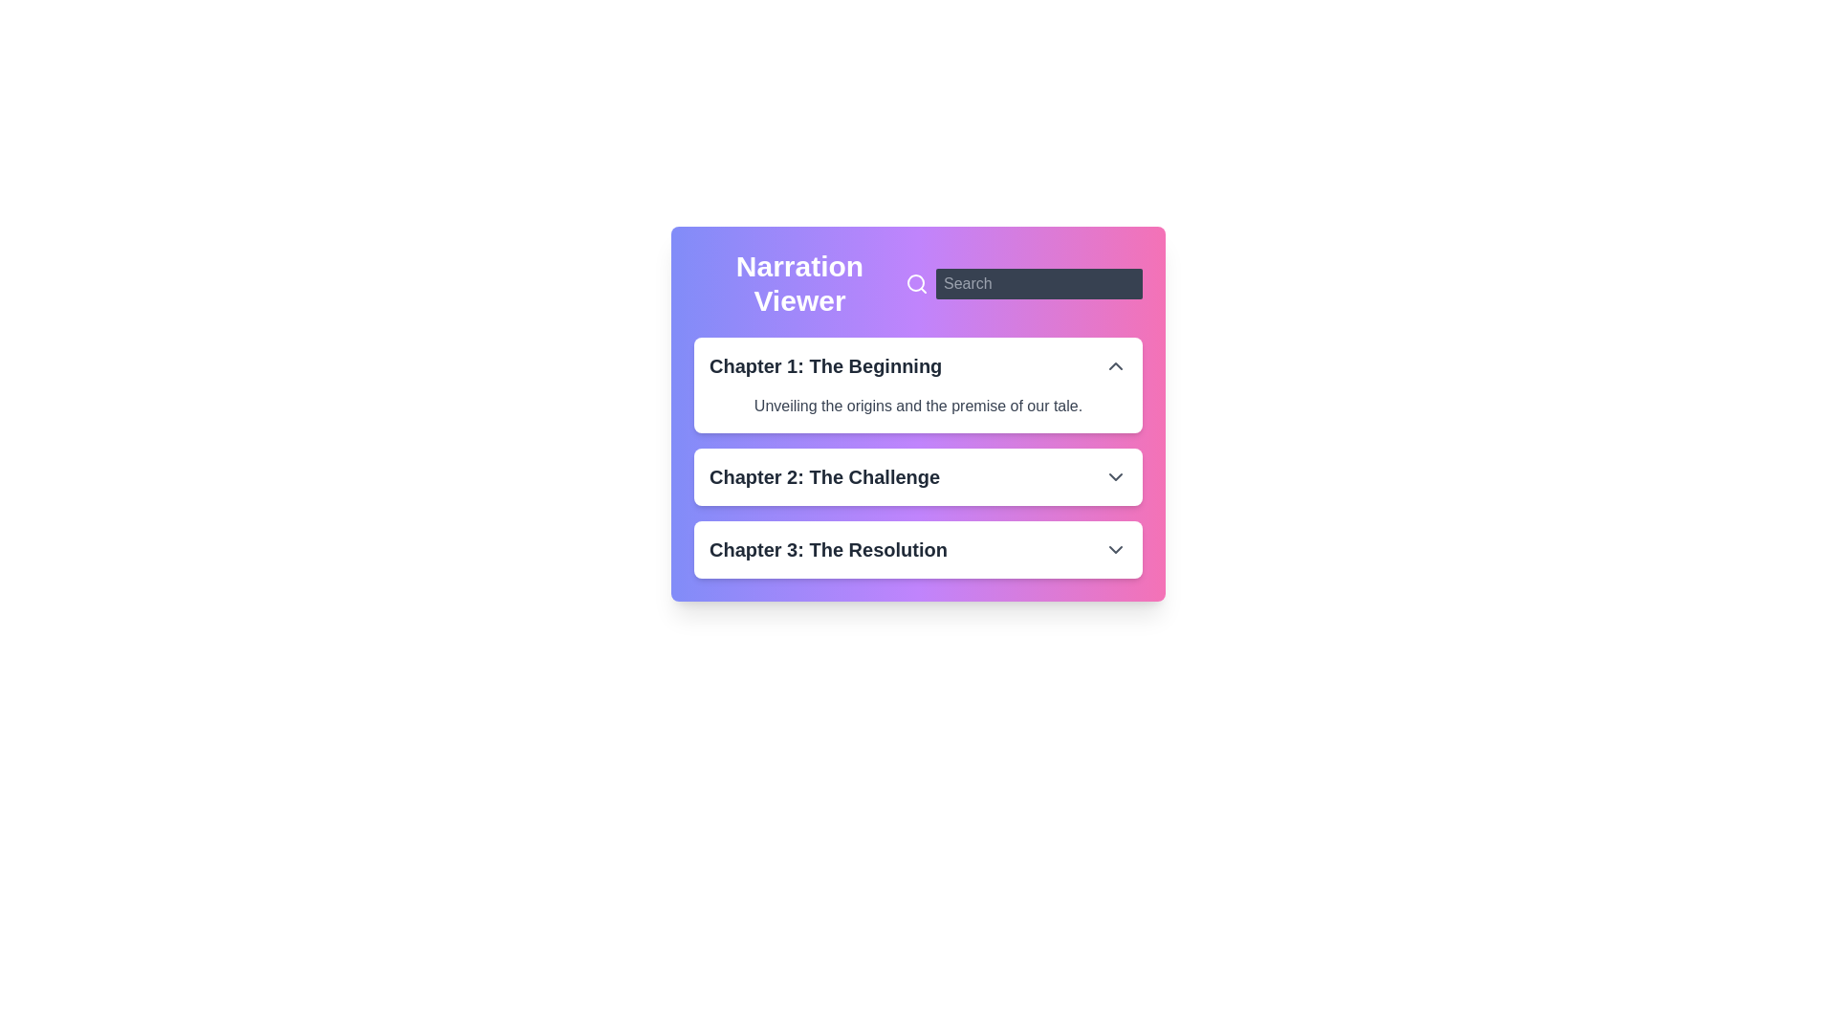  Describe the element at coordinates (916, 284) in the screenshot. I see `the decorative icon related to the search functionality located at the top-right corner of the 'Narration Viewer' section, adjacent to the 'Search' text input field` at that location.